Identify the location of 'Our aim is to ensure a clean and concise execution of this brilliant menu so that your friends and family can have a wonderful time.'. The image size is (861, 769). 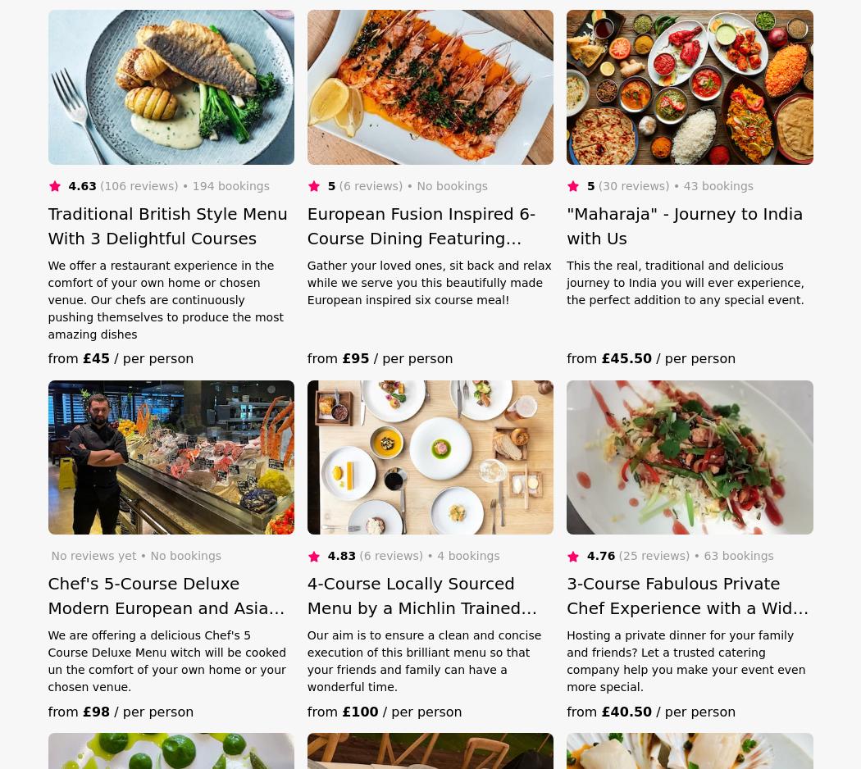
(423, 661).